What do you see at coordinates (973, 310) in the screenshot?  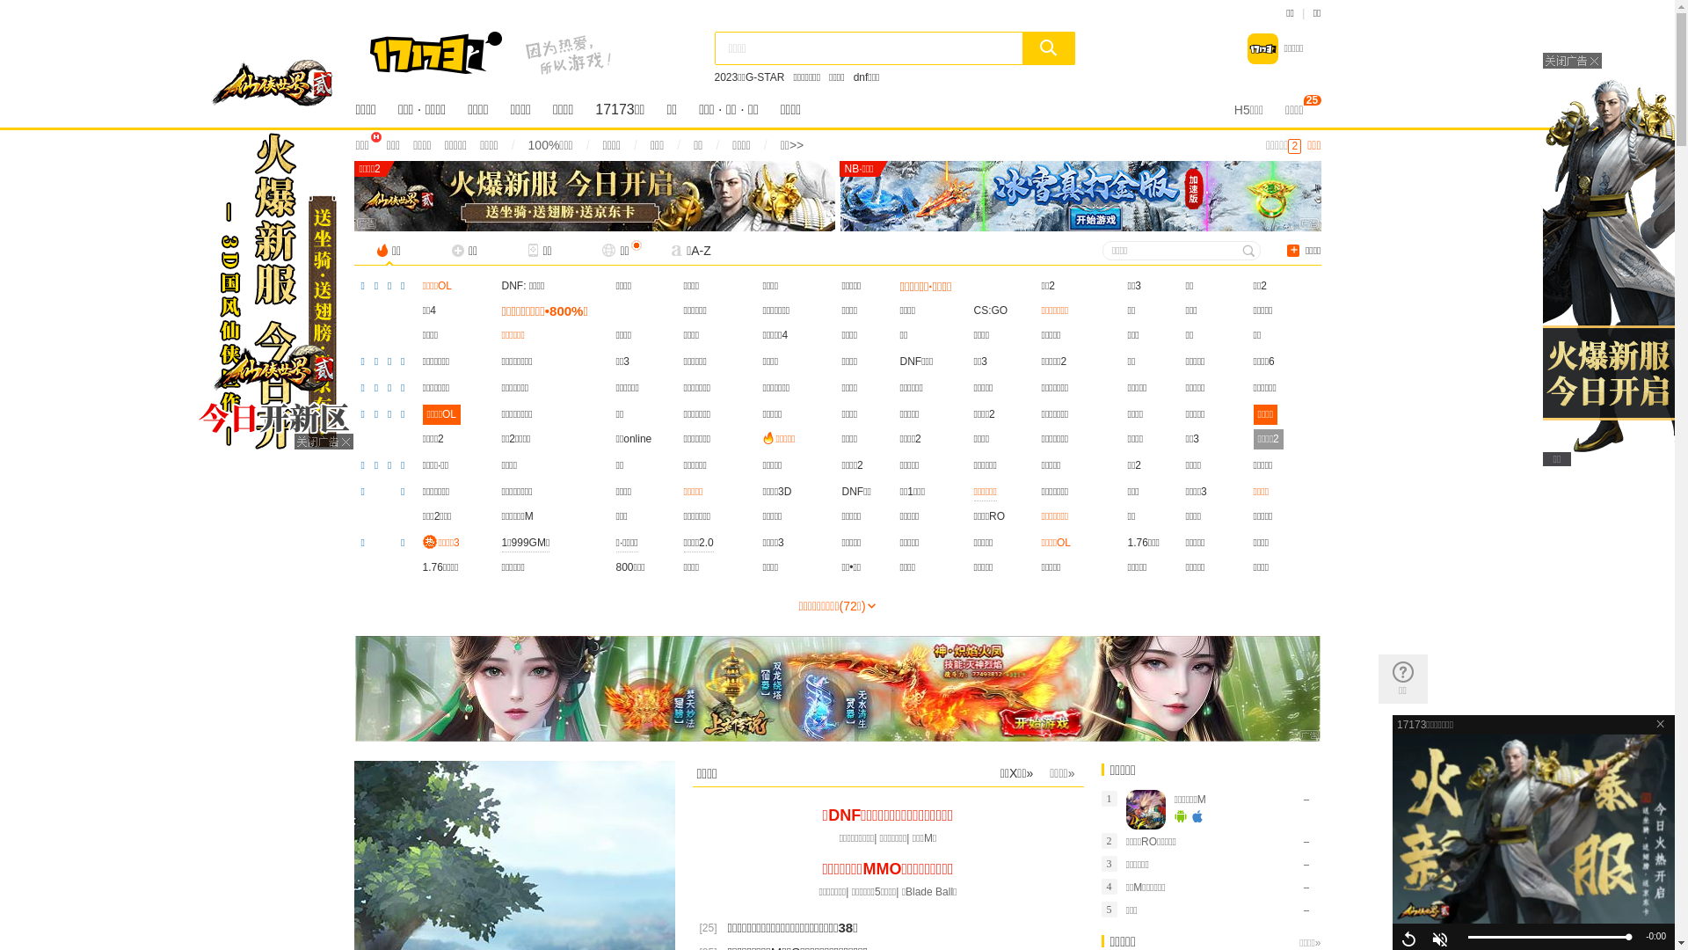 I see `'CS:GO'` at bounding box center [973, 310].